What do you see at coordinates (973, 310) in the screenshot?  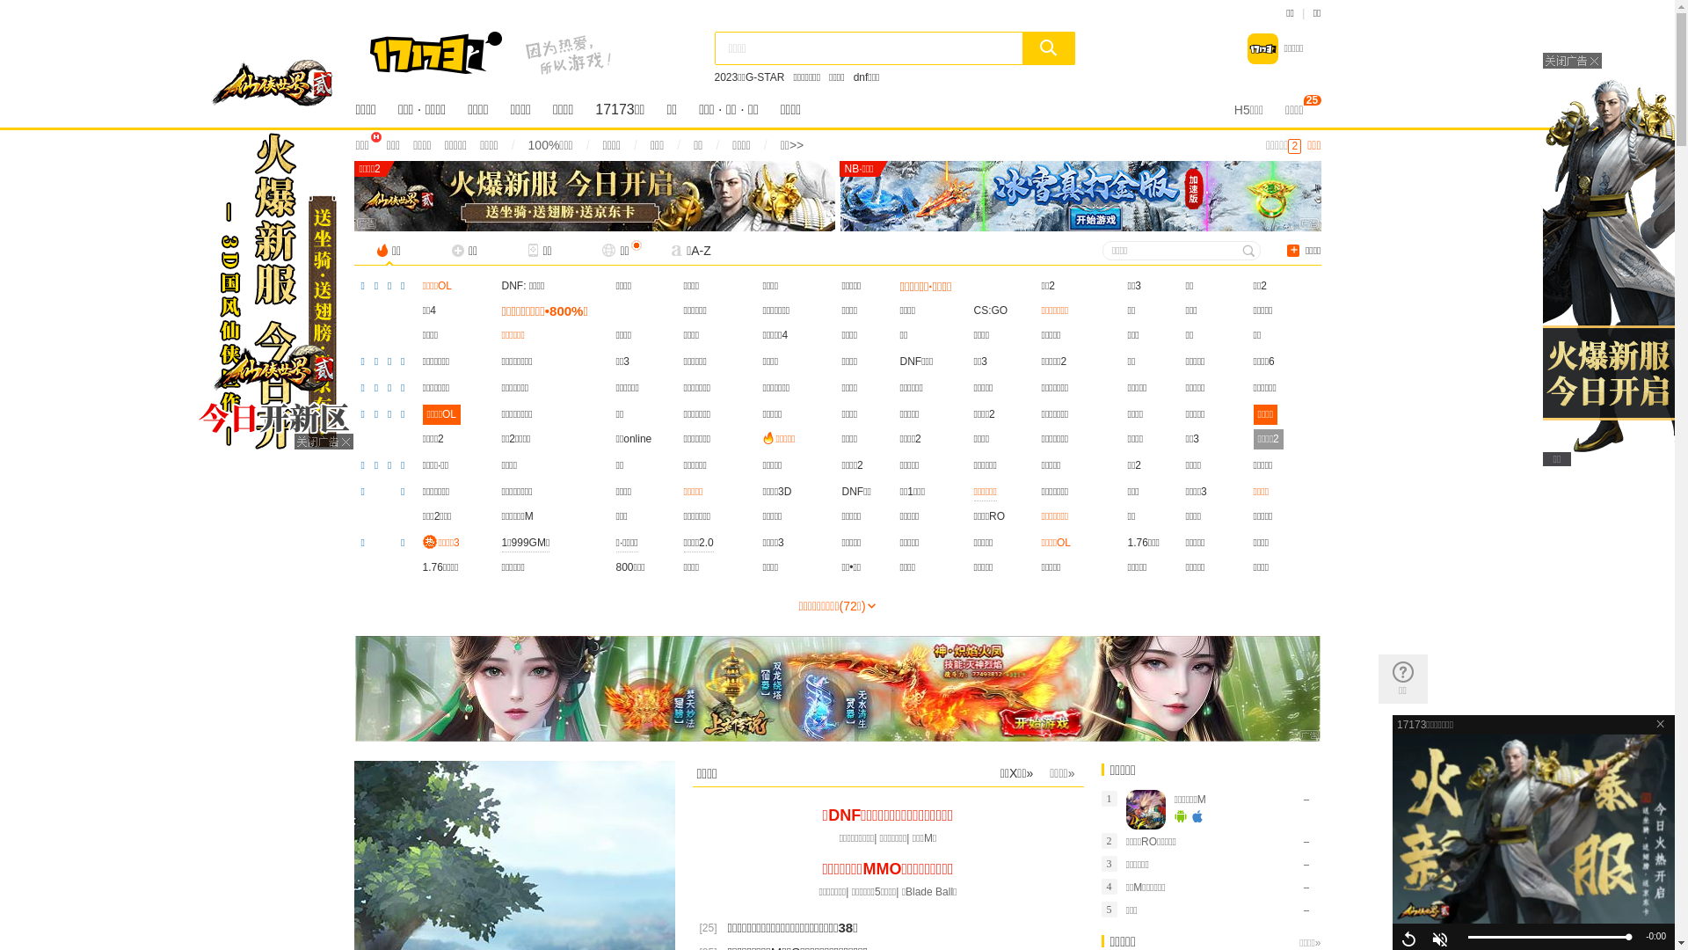 I see `'CS:GO'` at bounding box center [973, 310].